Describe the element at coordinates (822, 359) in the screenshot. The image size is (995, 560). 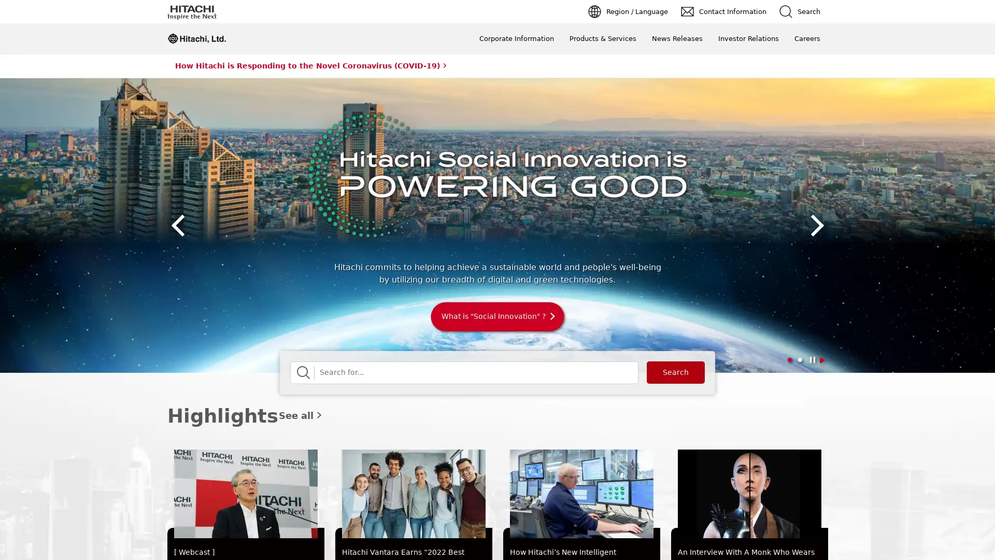
I see `Stop` at that location.